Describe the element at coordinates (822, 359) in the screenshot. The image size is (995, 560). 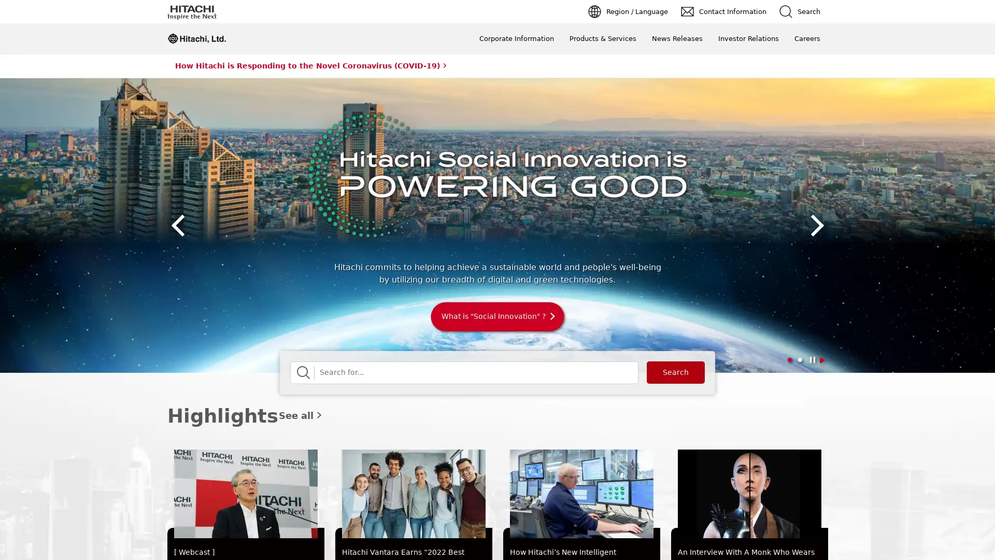
I see `Stop` at that location.